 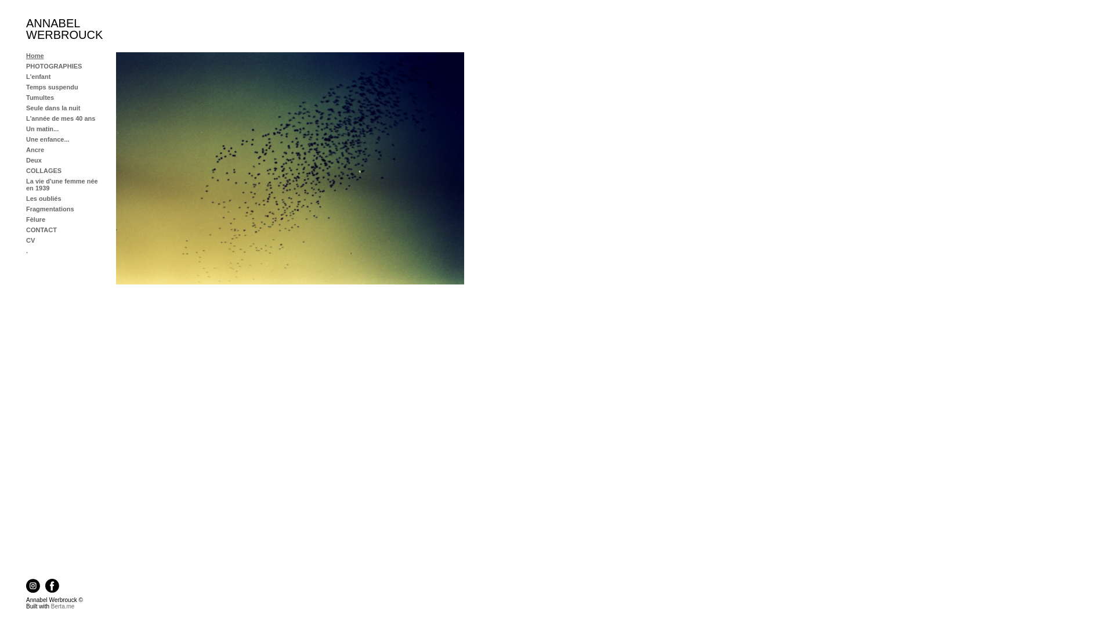 I want to click on 'COLLAGES', so click(x=44, y=170).